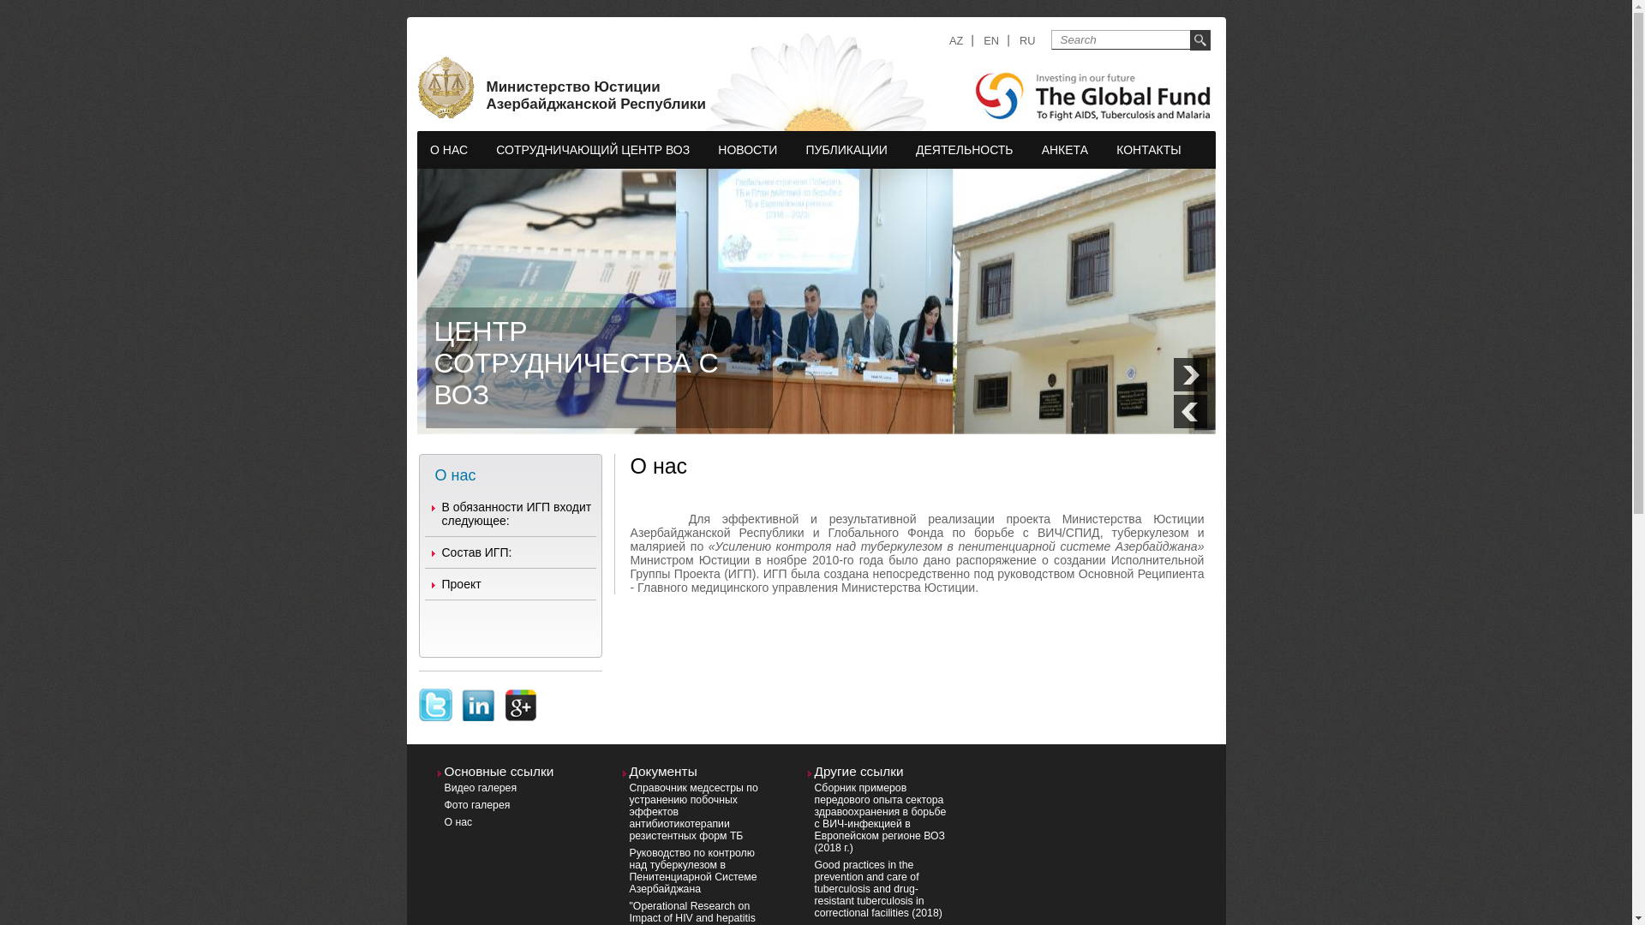 The height and width of the screenshot is (925, 1645). I want to click on ' ', so click(521, 695).